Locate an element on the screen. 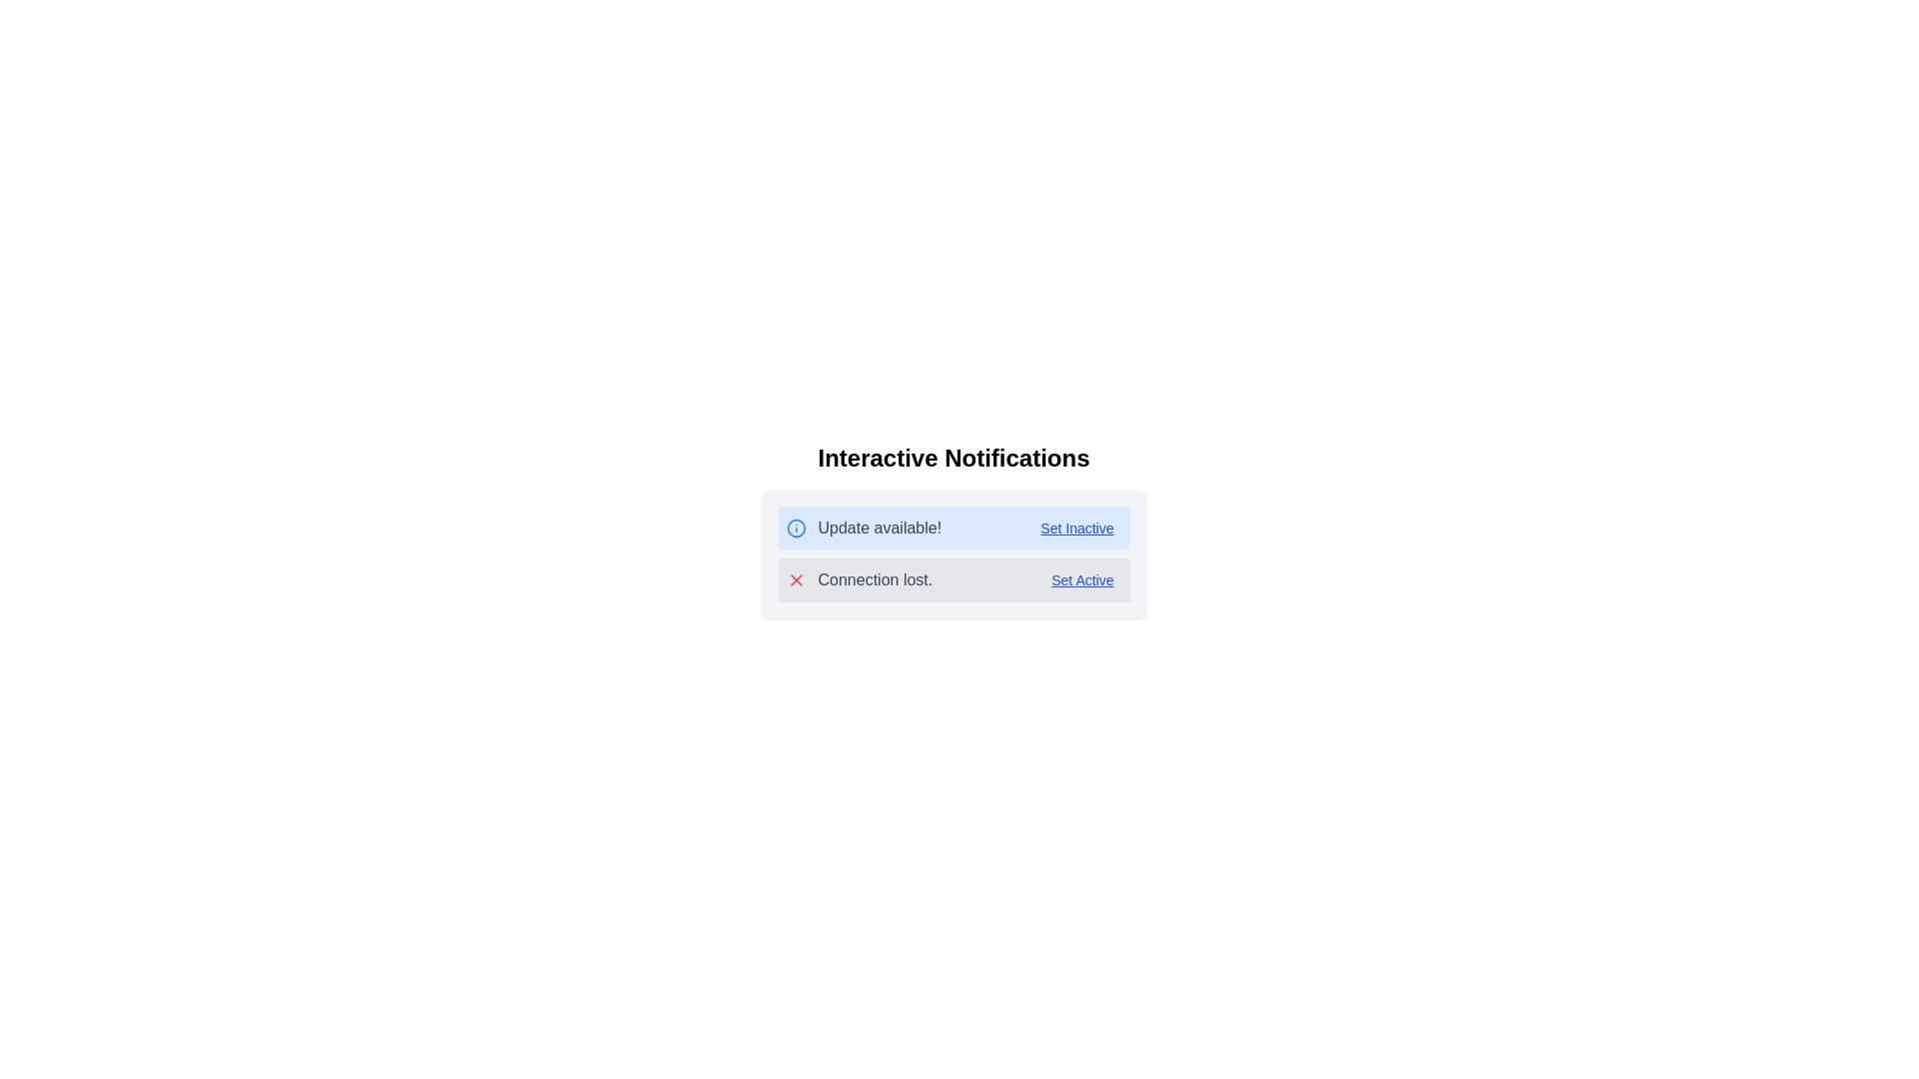  text displayed on the notification message indicating a connection issue, which is located in the second row of the notification panel, between a red error icon and a 'Set Active' button is located at coordinates (875, 580).